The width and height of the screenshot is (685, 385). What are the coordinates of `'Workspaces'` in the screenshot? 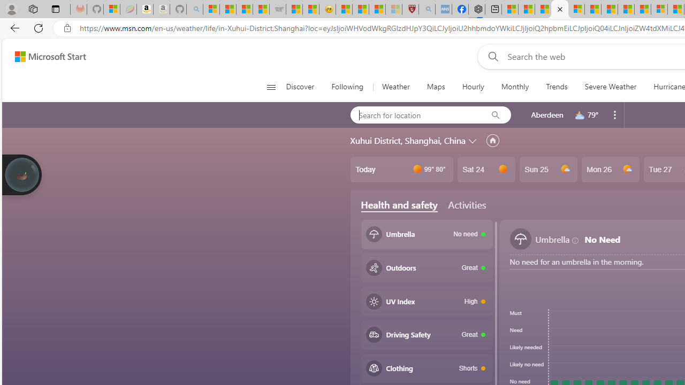 It's located at (33, 9).